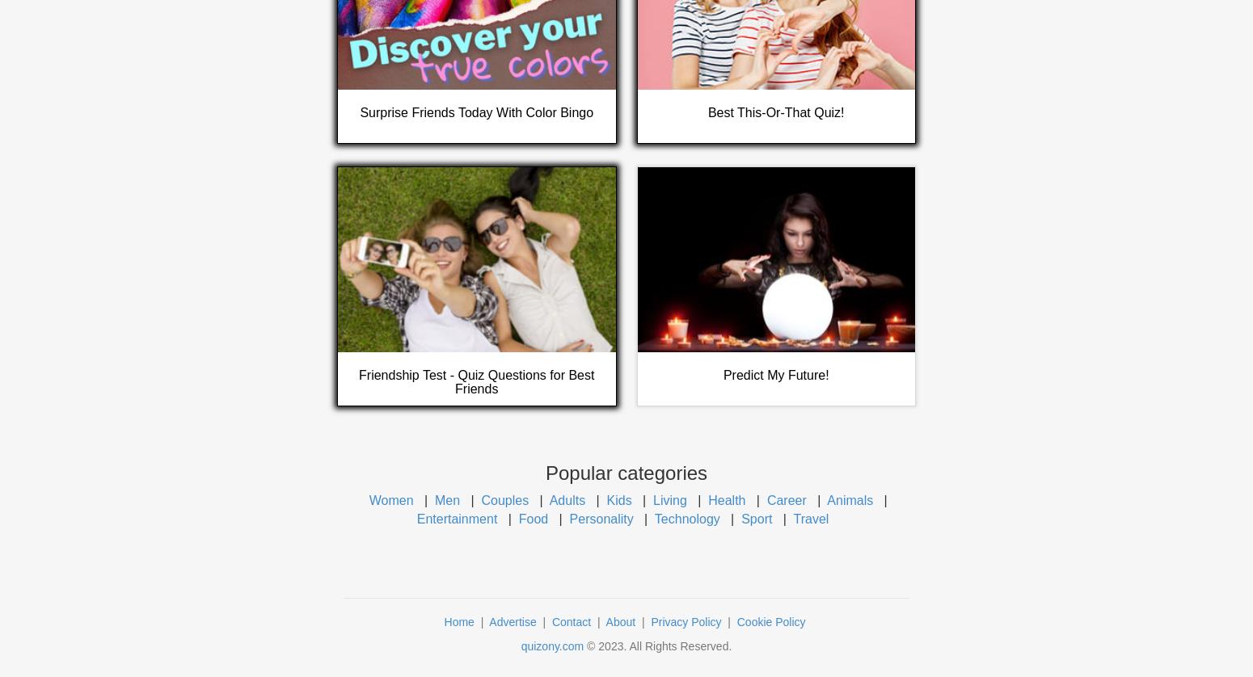  Describe the element at coordinates (622, 620) in the screenshot. I see `'About'` at that location.